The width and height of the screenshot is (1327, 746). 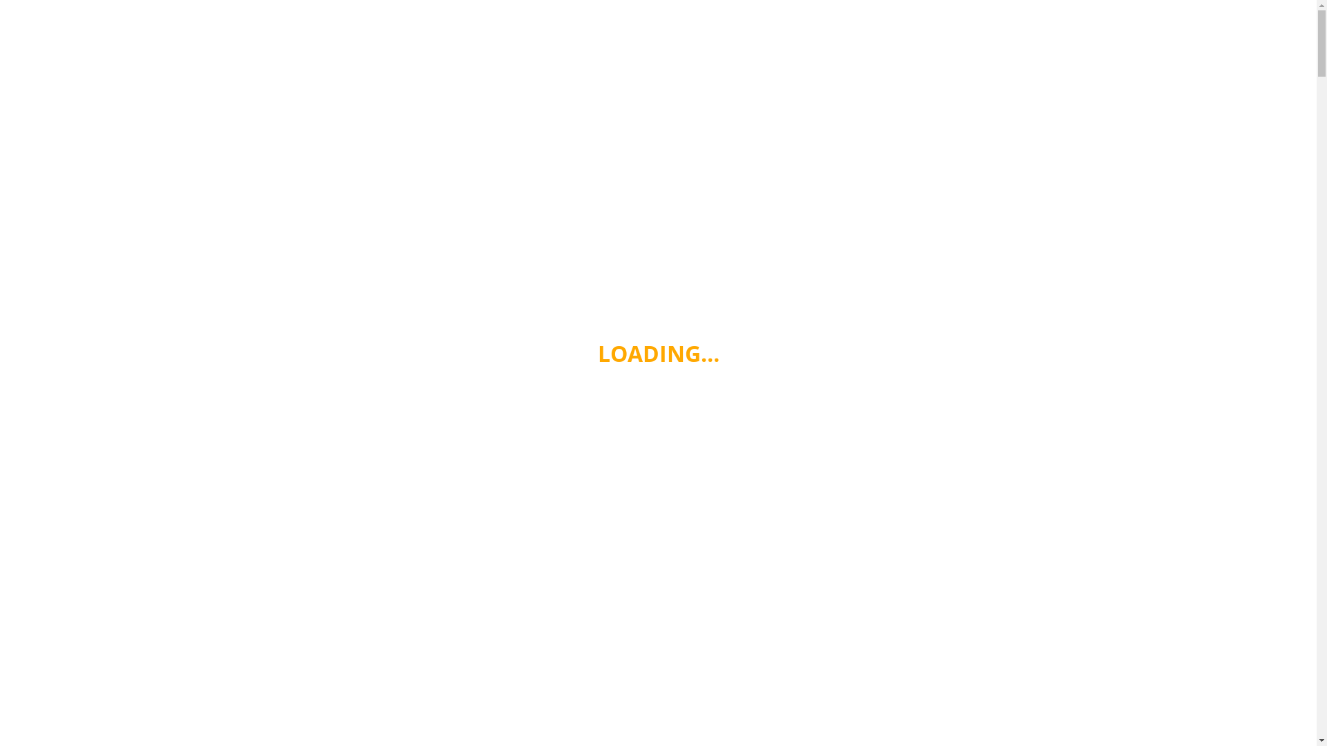 I want to click on 'COOKING', so click(x=878, y=19).